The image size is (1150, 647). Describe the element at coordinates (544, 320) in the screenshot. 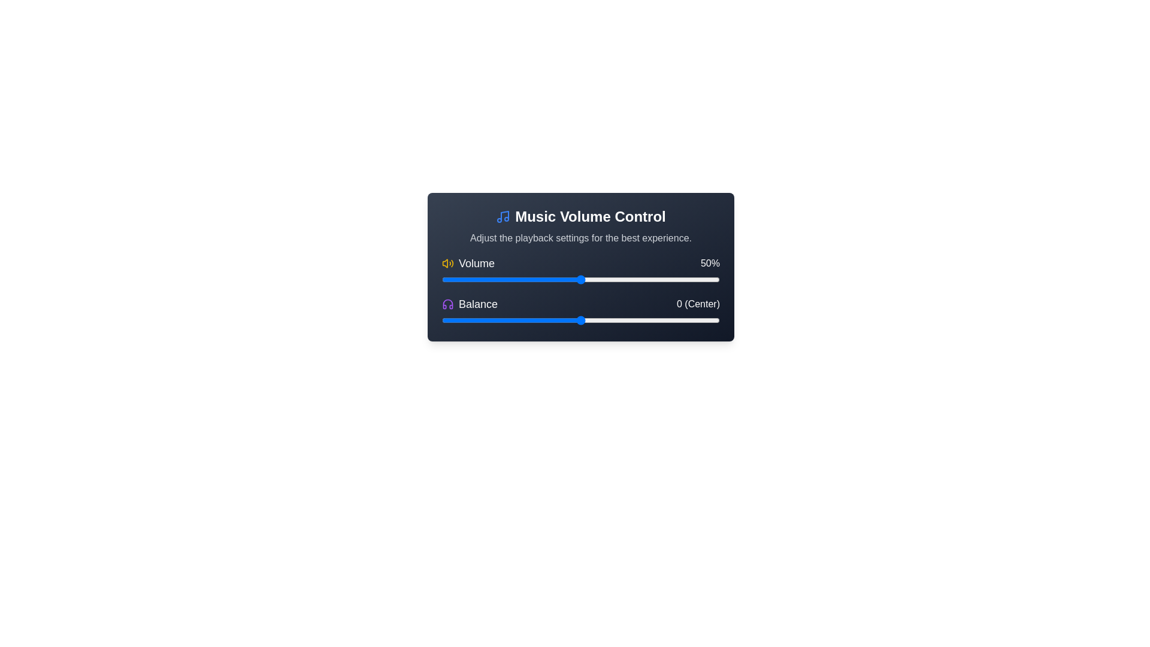

I see `the balance slider to -13 value` at that location.